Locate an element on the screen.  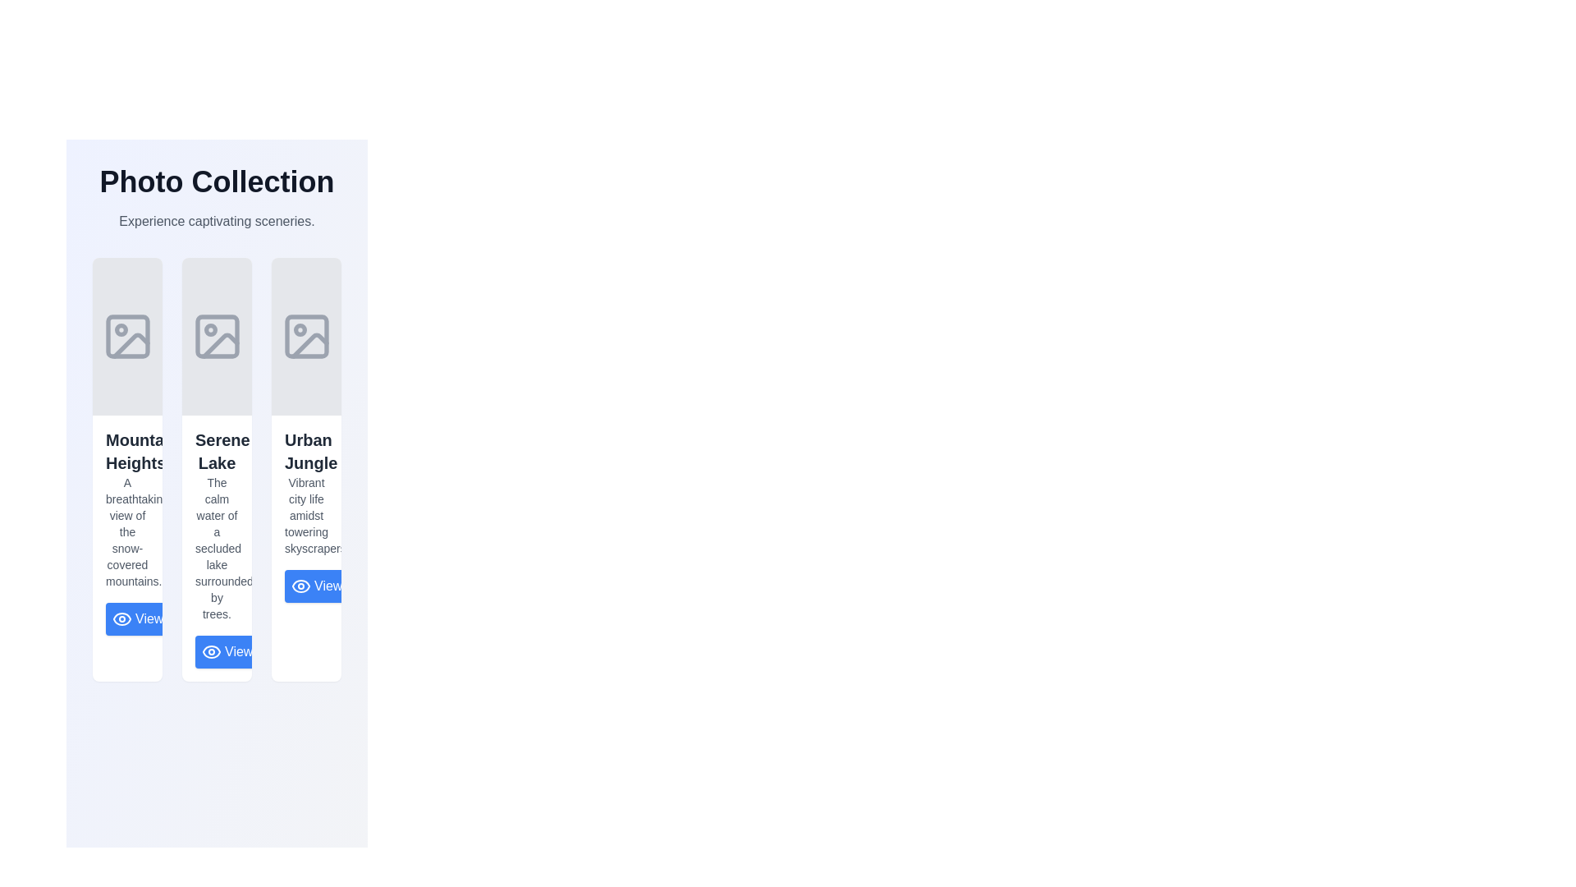
the eye-shaped SVG icon with a blue background located within the 'View' button of the first card titled 'Mountain Heights' is located at coordinates (121, 618).